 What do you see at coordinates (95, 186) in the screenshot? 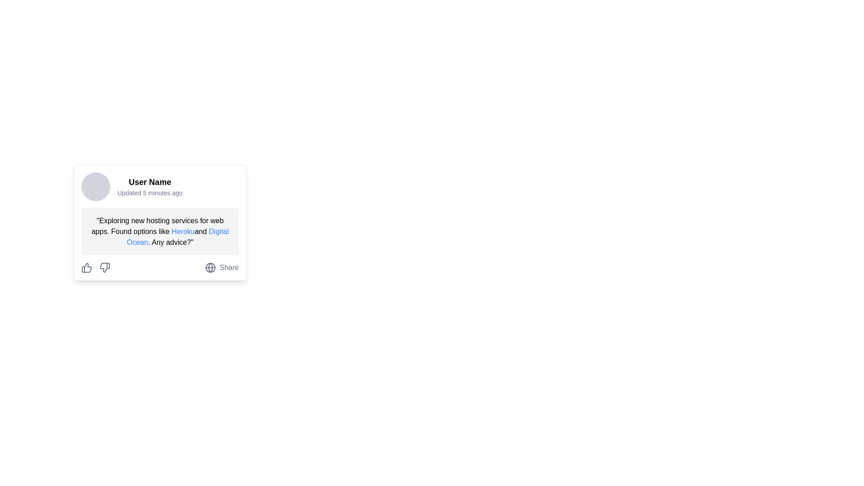
I see `the circular badge with a light gray background located to the left of 'User Name' and 'Updated 5 minutes ago' within the user information card` at bounding box center [95, 186].